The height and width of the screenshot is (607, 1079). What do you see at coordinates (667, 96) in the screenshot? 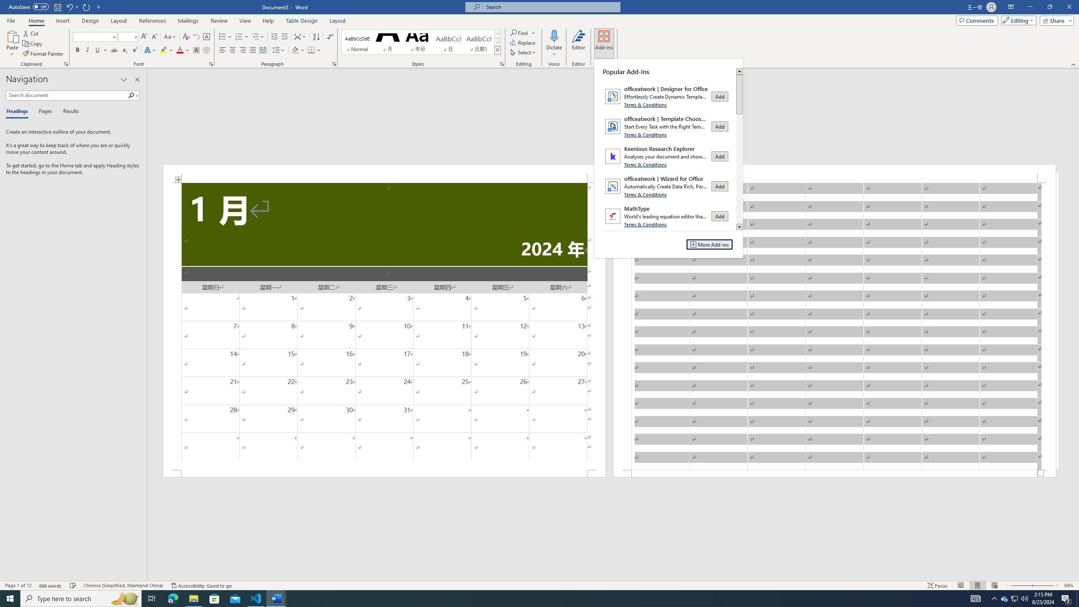
I see `'officeatwork | Designer for Office'` at bounding box center [667, 96].